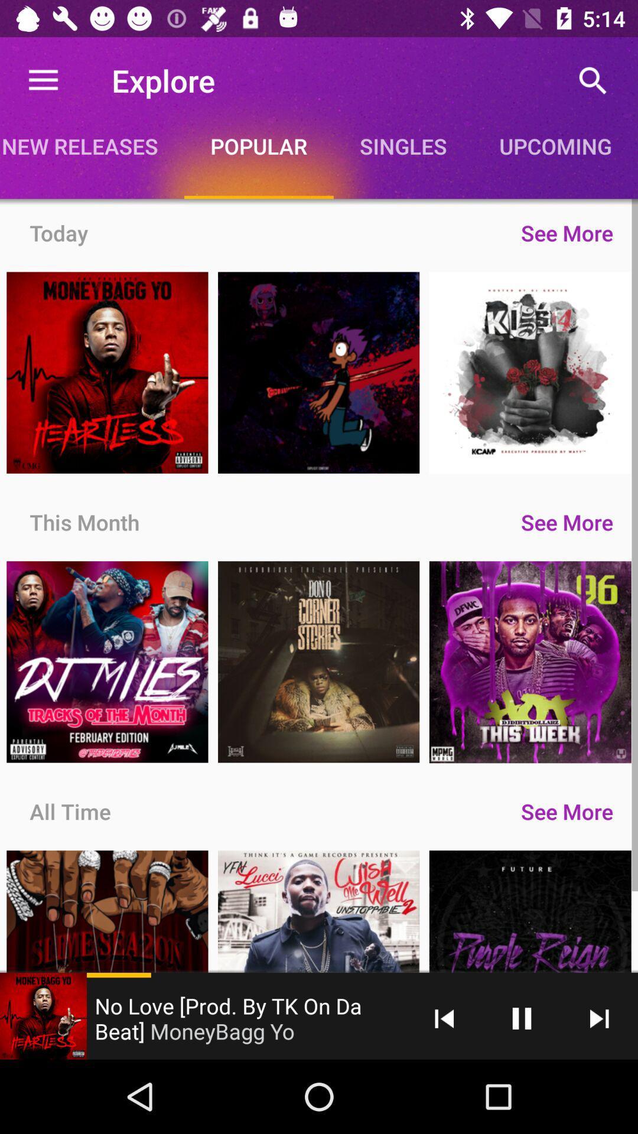  Describe the element at coordinates (258, 145) in the screenshot. I see `popular app` at that location.